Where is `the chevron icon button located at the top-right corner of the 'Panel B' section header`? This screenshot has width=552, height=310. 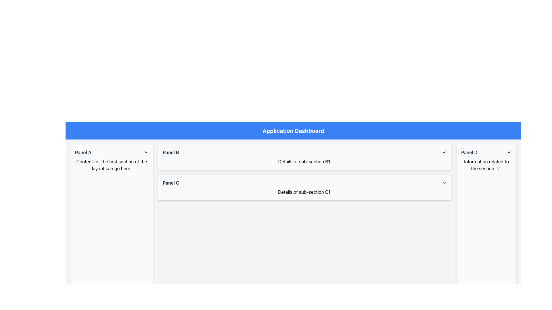 the chevron icon button located at the top-right corner of the 'Panel B' section header is located at coordinates (444, 152).